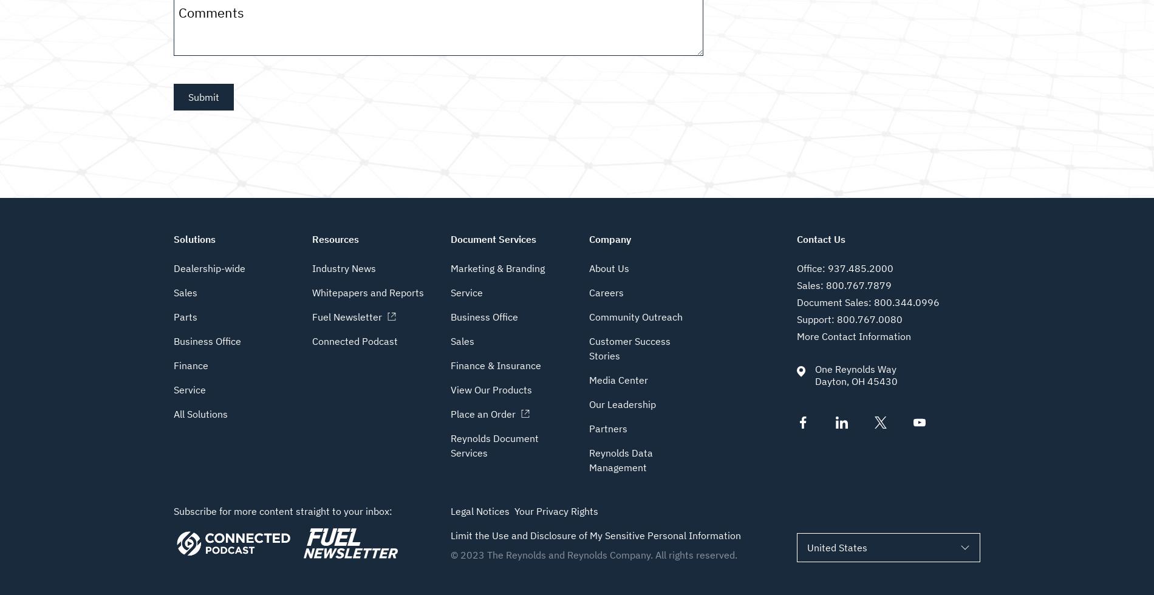 This screenshot has width=1154, height=595. I want to click on '800.344.0996', so click(907, 302).